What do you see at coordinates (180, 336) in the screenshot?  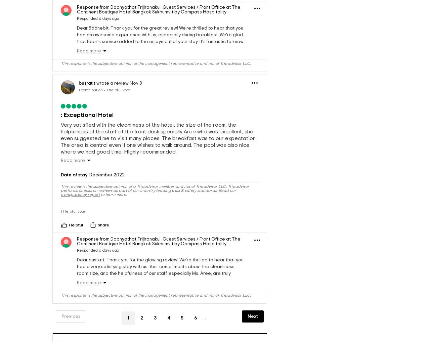 I see `'5'` at bounding box center [180, 336].